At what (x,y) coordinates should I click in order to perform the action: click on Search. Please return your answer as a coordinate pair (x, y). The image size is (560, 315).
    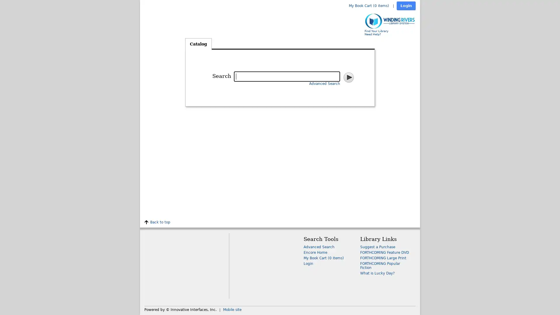
    Looking at the image, I should click on (348, 77).